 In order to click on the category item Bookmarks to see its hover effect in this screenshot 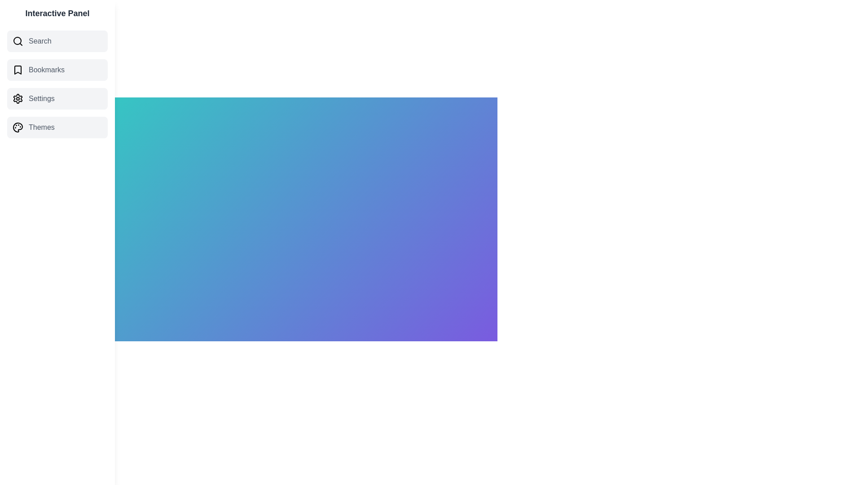, I will do `click(57, 69)`.